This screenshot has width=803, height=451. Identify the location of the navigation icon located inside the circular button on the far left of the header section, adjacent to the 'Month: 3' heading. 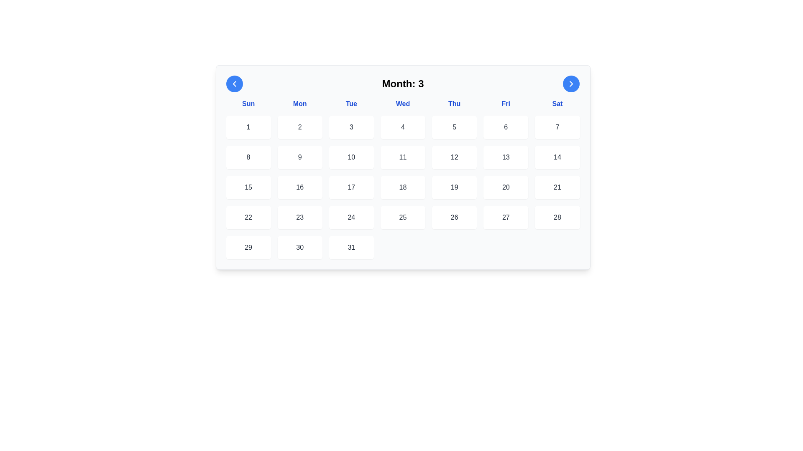
(234, 84).